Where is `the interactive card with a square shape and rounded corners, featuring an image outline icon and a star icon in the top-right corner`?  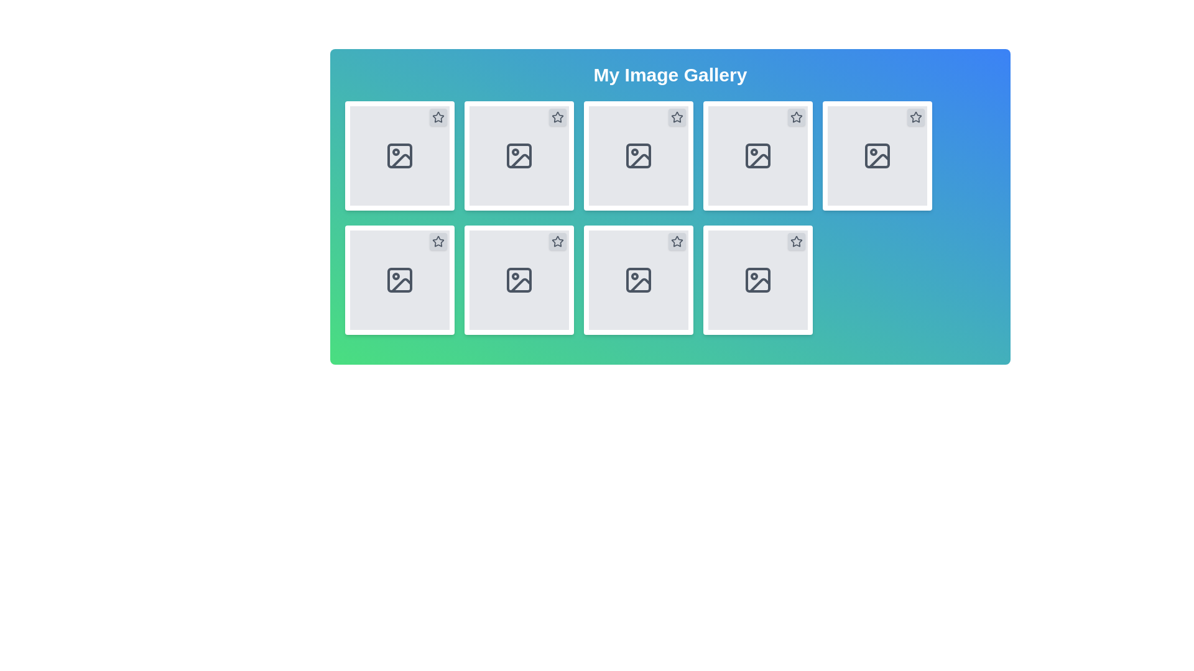 the interactive card with a square shape and rounded corners, featuring an image outline icon and a star icon in the top-right corner is located at coordinates (757, 280).